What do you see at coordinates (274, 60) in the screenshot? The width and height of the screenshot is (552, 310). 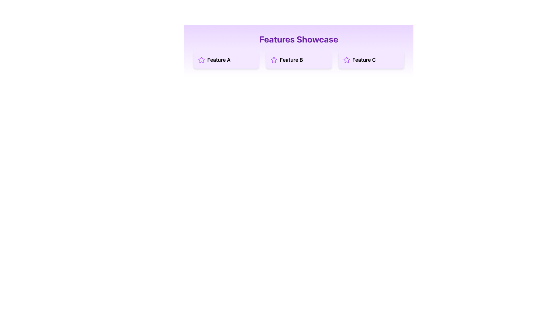 I see `the star-shaped SVG icon styled in purple with a central hollow design located in the Feature B card of the Features Showcase section` at bounding box center [274, 60].